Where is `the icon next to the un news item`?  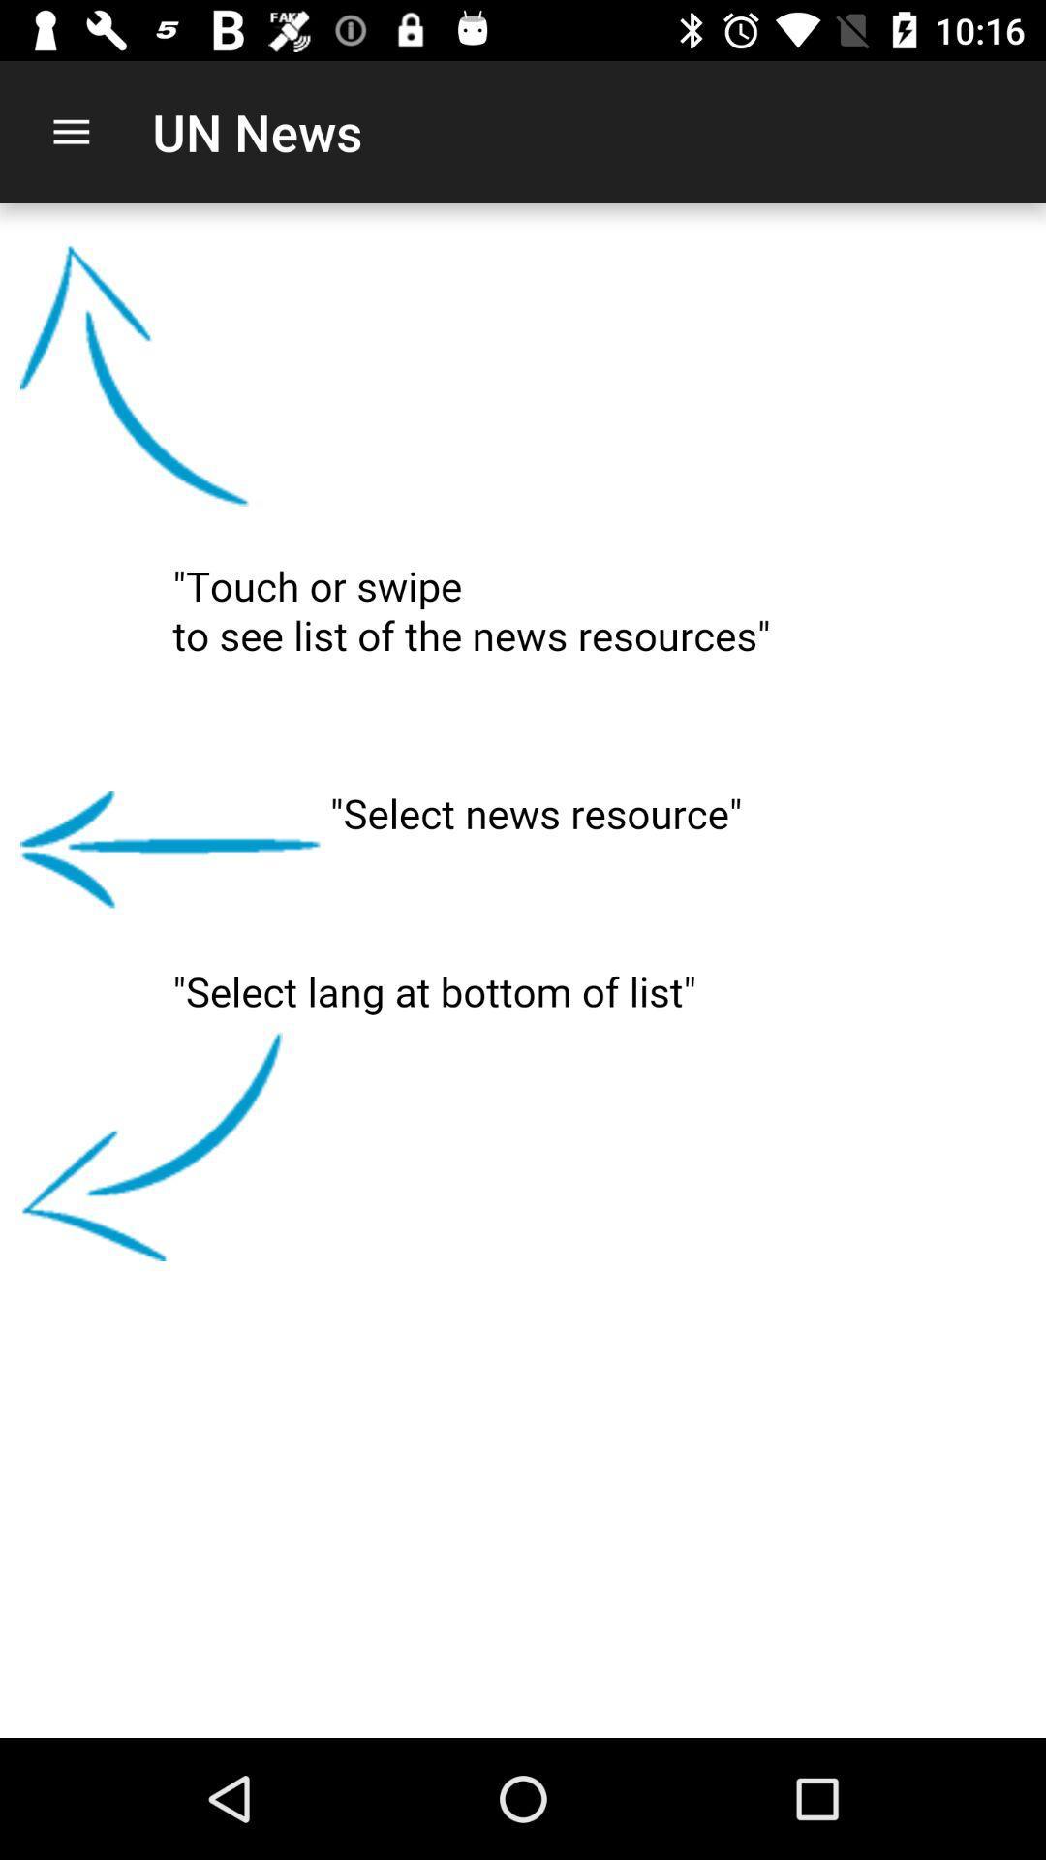 the icon next to the un news item is located at coordinates (70, 131).